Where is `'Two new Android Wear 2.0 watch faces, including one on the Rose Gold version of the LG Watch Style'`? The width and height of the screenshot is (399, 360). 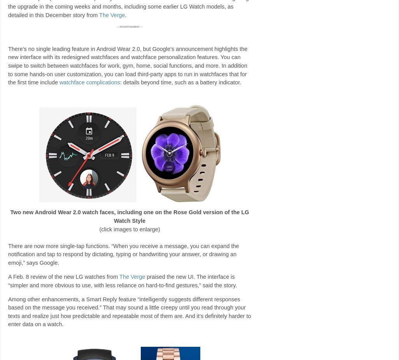 'Two new Android Wear 2.0 watch faces, including one on the Rose Gold version of the LG Watch Style' is located at coordinates (129, 216).